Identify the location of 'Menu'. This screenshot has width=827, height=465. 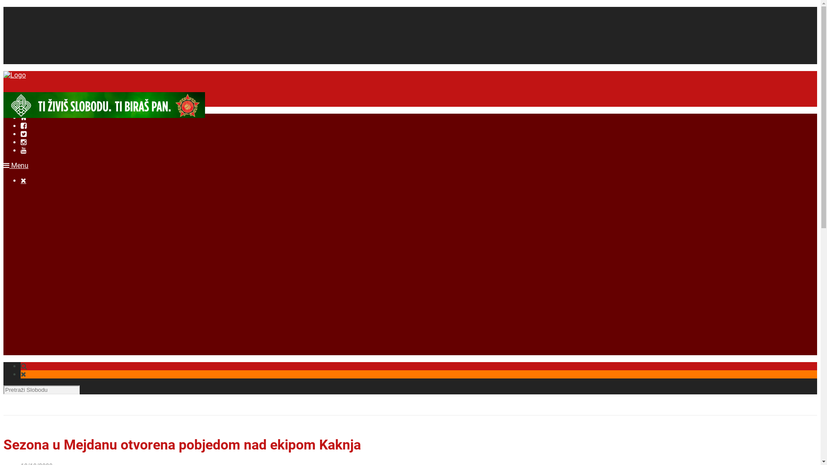
(16, 165).